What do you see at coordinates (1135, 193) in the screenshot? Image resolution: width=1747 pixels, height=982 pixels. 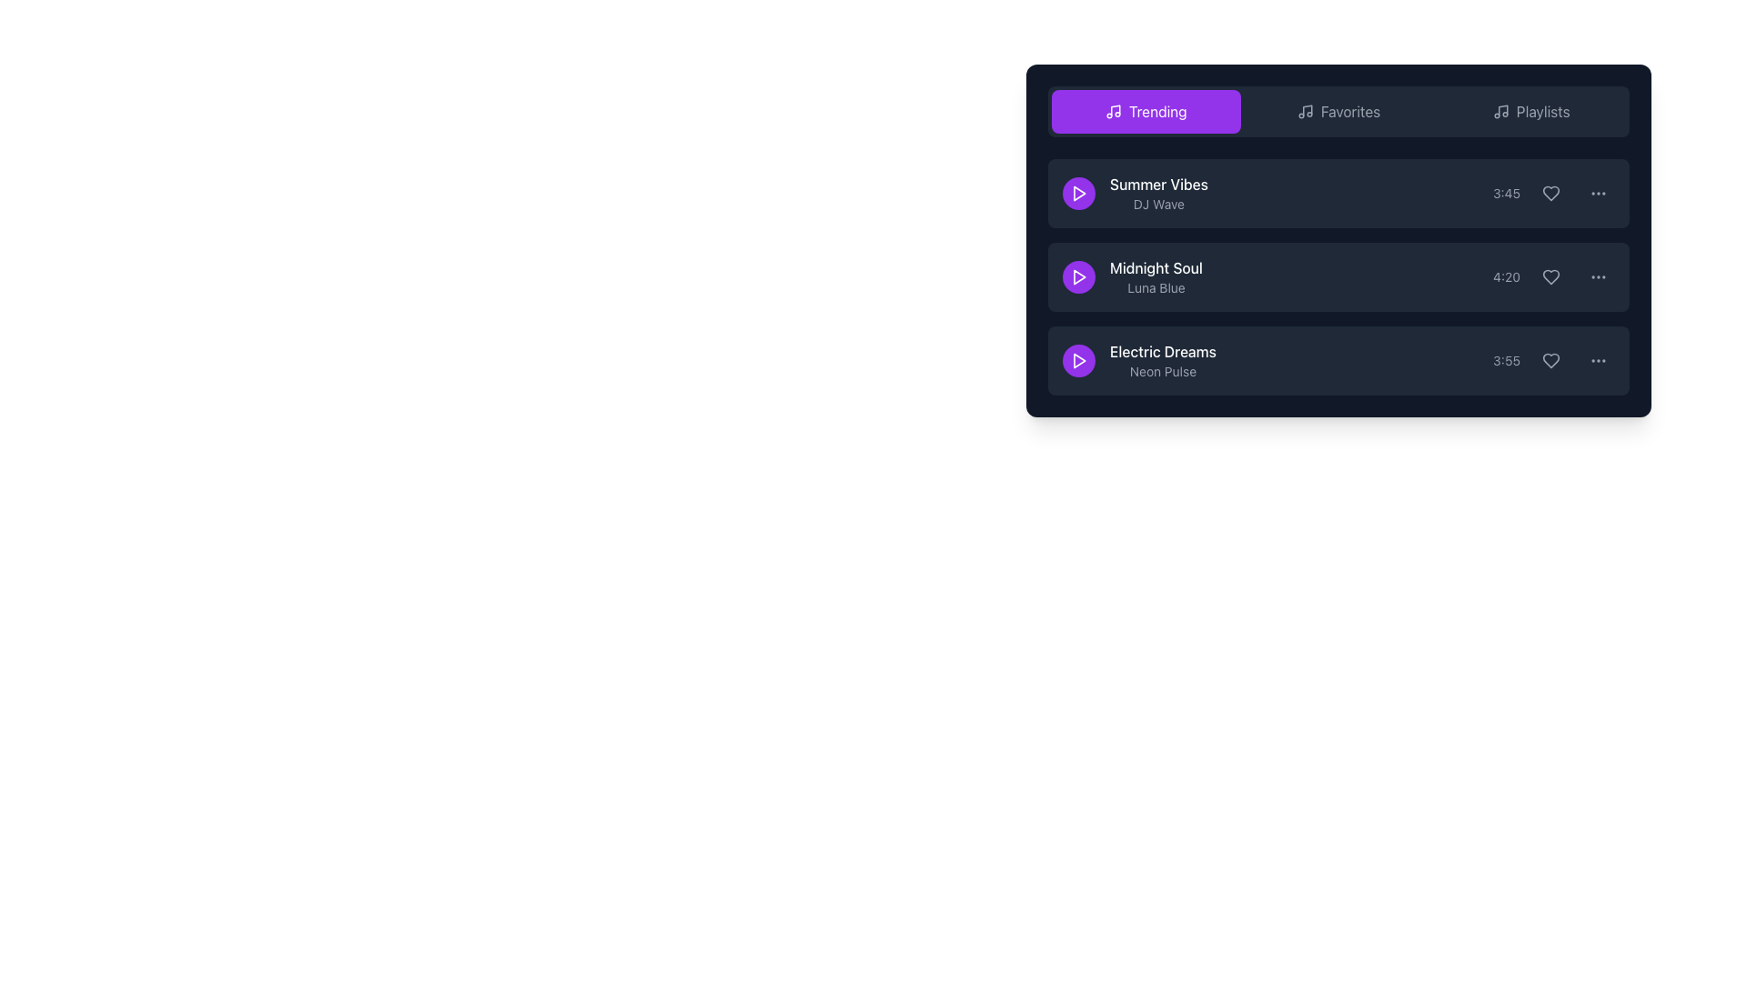 I see `on the informational text block displaying 'Summer Vibes' and 'DJ Wave'` at bounding box center [1135, 193].